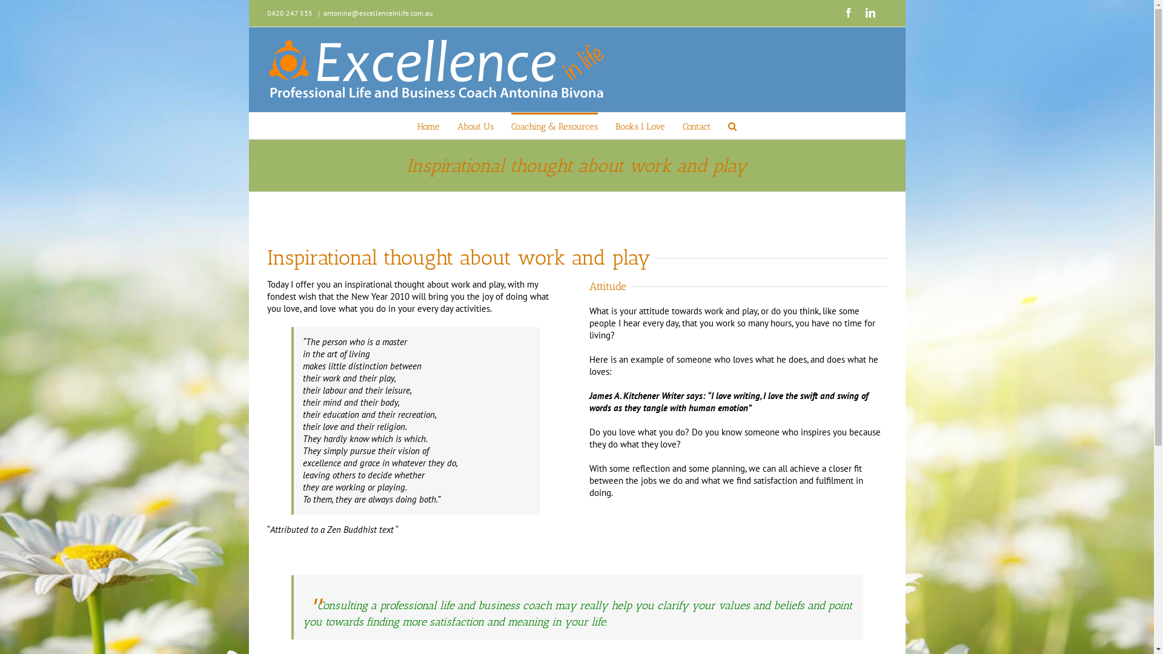  I want to click on 'Coaching & Resources', so click(511, 125).